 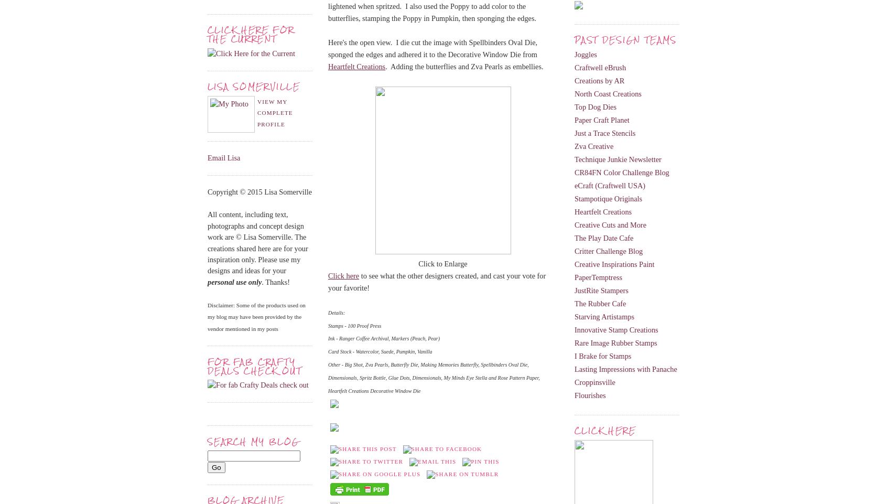 What do you see at coordinates (575, 159) in the screenshot?
I see `'Technique Junkie Newsletter'` at bounding box center [575, 159].